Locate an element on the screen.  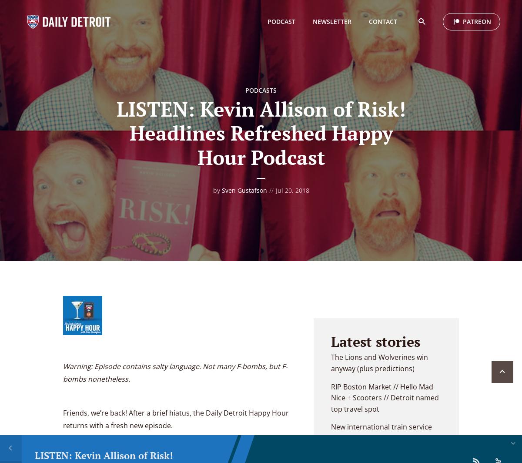
'Jul 20, 2018' is located at coordinates (292, 190).